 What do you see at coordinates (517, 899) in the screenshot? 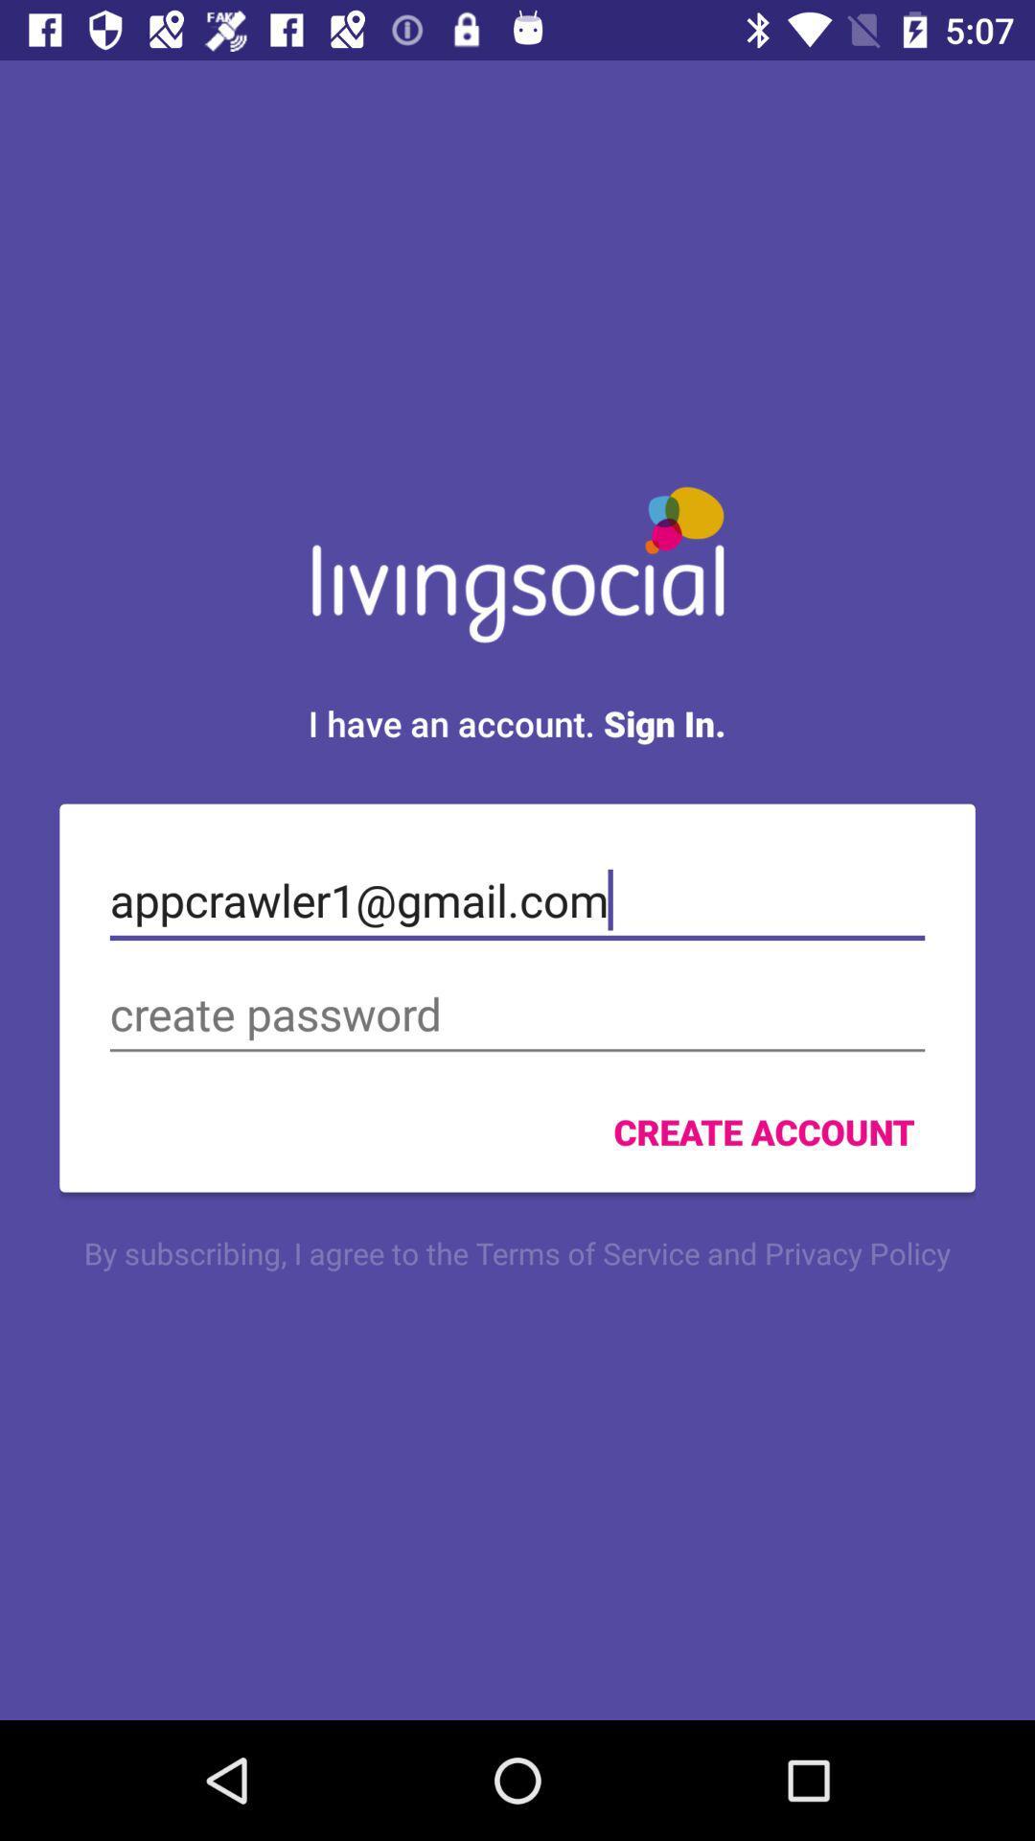
I see `the appcrawler1@gmail.com icon` at bounding box center [517, 899].